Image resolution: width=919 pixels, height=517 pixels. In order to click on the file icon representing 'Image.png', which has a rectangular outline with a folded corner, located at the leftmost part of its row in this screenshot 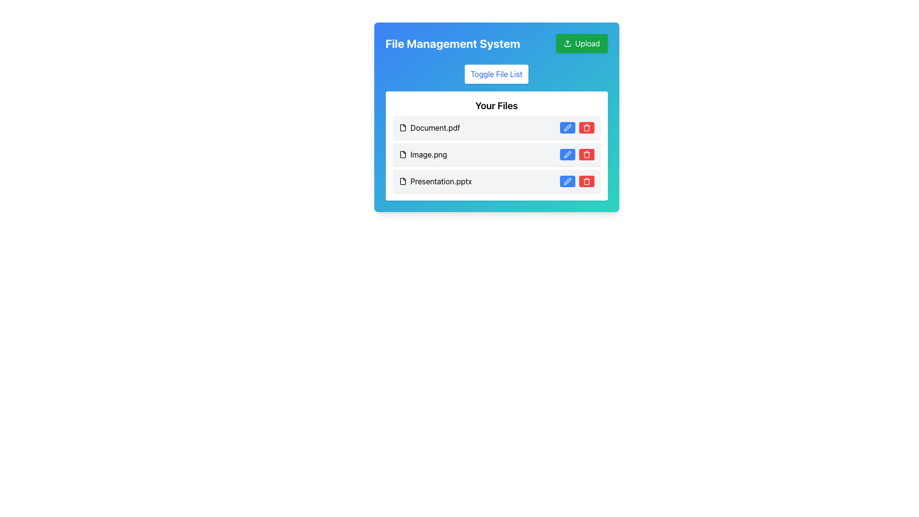, I will do `click(403, 154)`.